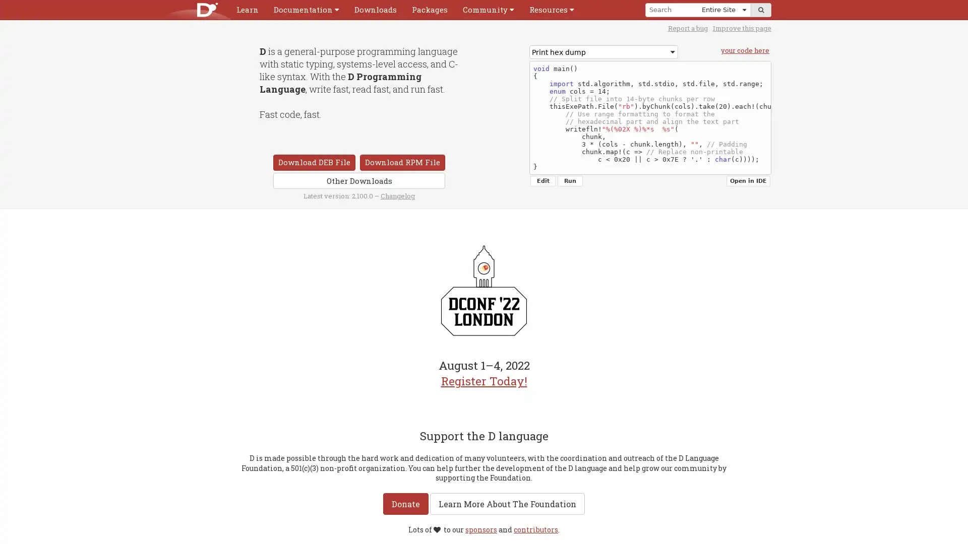  Describe the element at coordinates (542, 180) in the screenshot. I see `Edit` at that location.